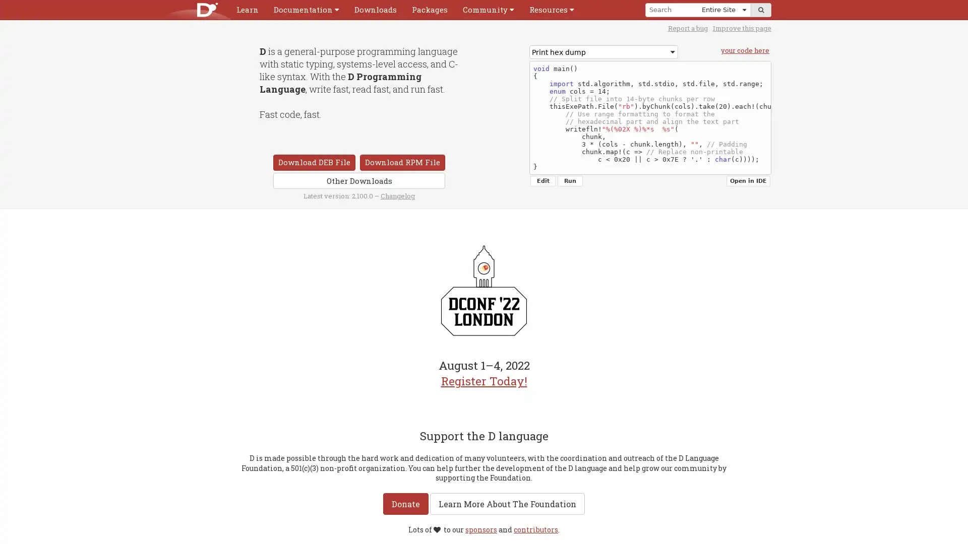  Describe the element at coordinates (542, 180) in the screenshot. I see `Edit` at that location.